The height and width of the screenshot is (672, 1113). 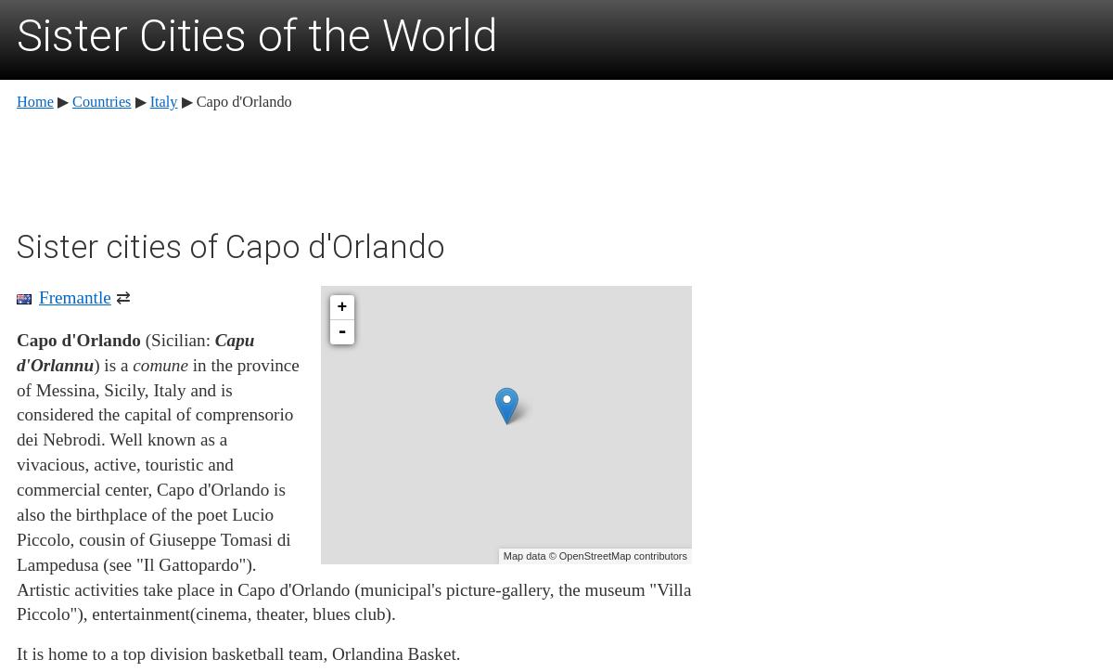 What do you see at coordinates (148, 99) in the screenshot?
I see `'Italy'` at bounding box center [148, 99].